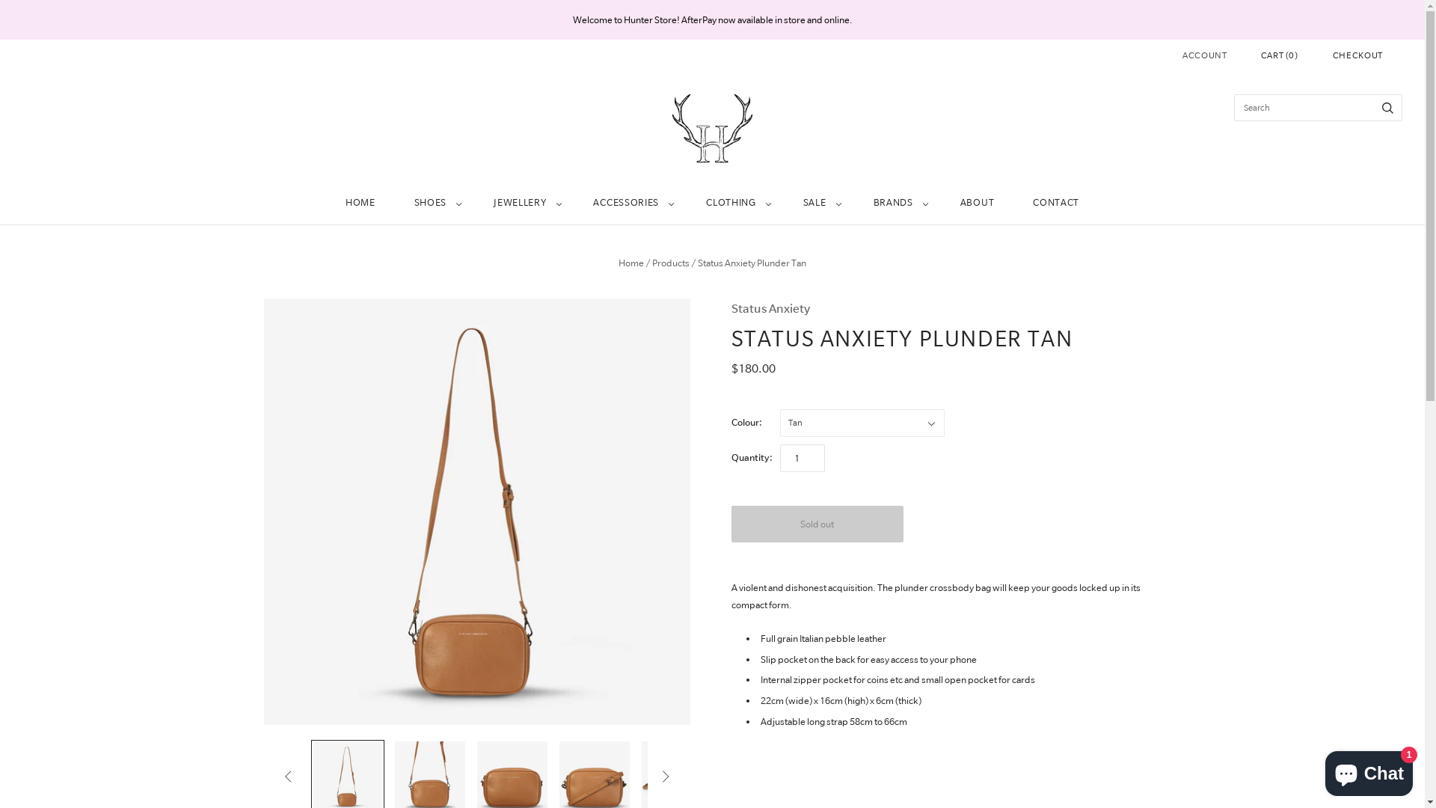  What do you see at coordinates (977, 203) in the screenshot?
I see `'ABOUT'` at bounding box center [977, 203].